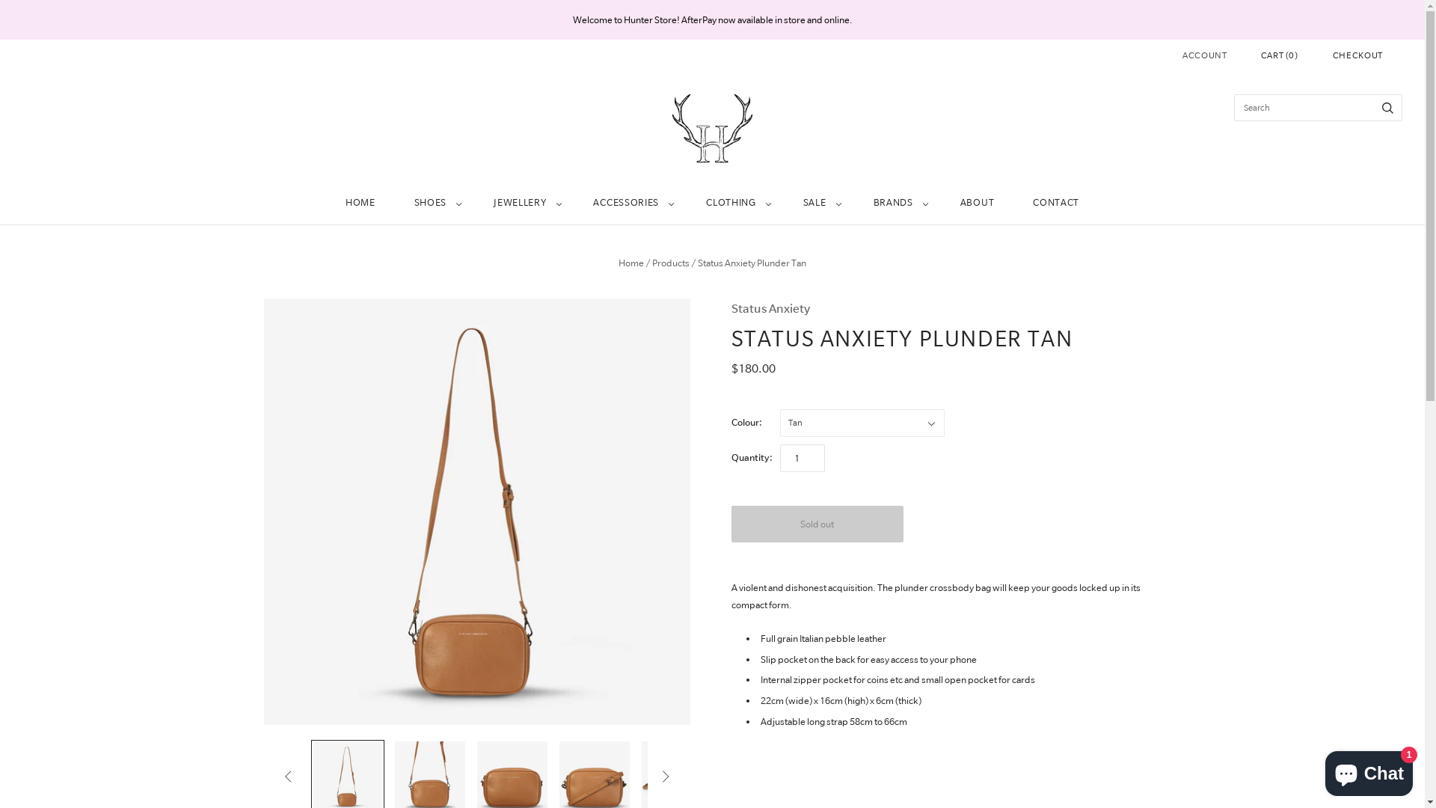  What do you see at coordinates (977, 203) in the screenshot?
I see `'ABOUT'` at bounding box center [977, 203].